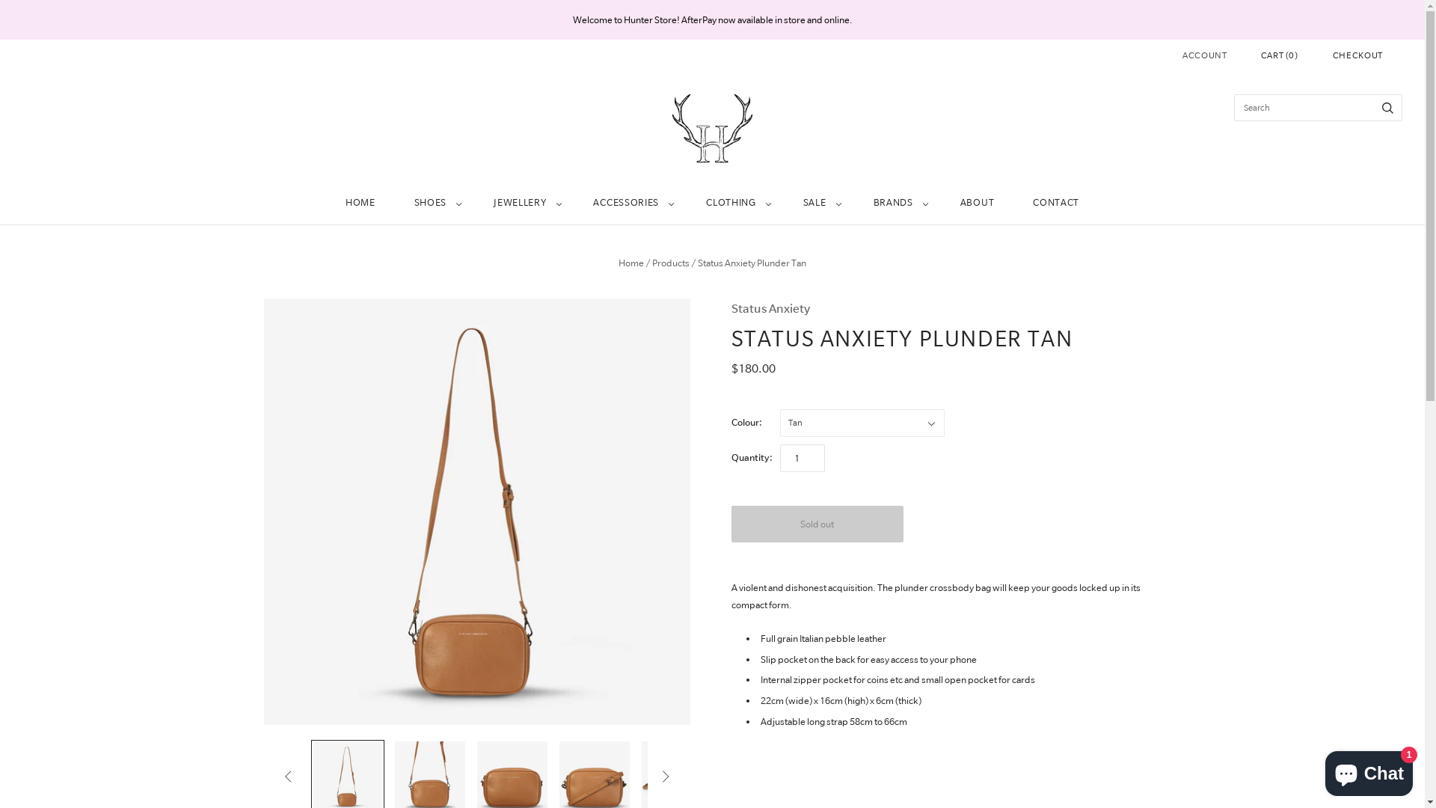  What do you see at coordinates (977, 203) in the screenshot?
I see `'ABOUT'` at bounding box center [977, 203].